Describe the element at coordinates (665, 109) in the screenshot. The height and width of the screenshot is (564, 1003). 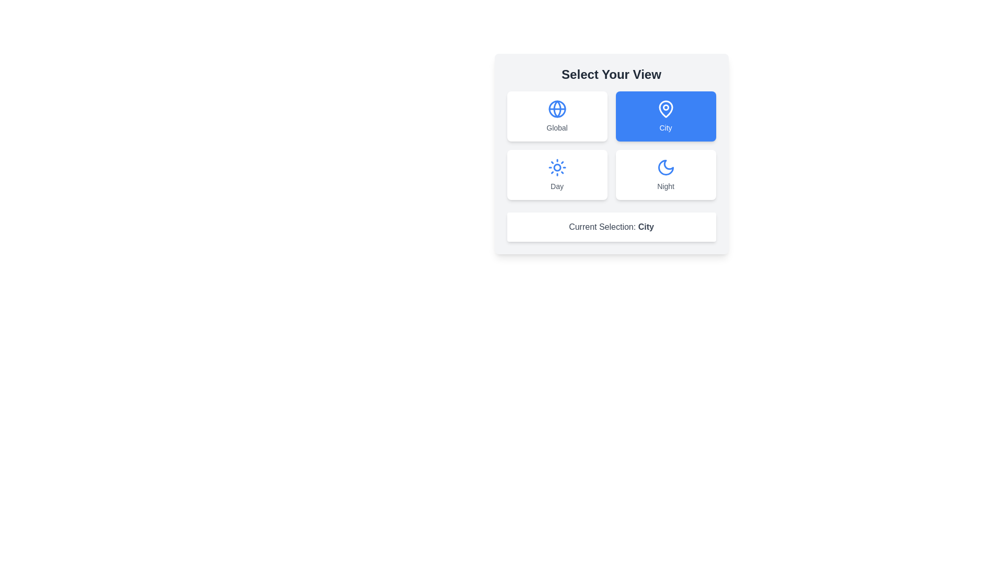
I see `the 'City' map pin icon located within the blue rectangular button` at that location.